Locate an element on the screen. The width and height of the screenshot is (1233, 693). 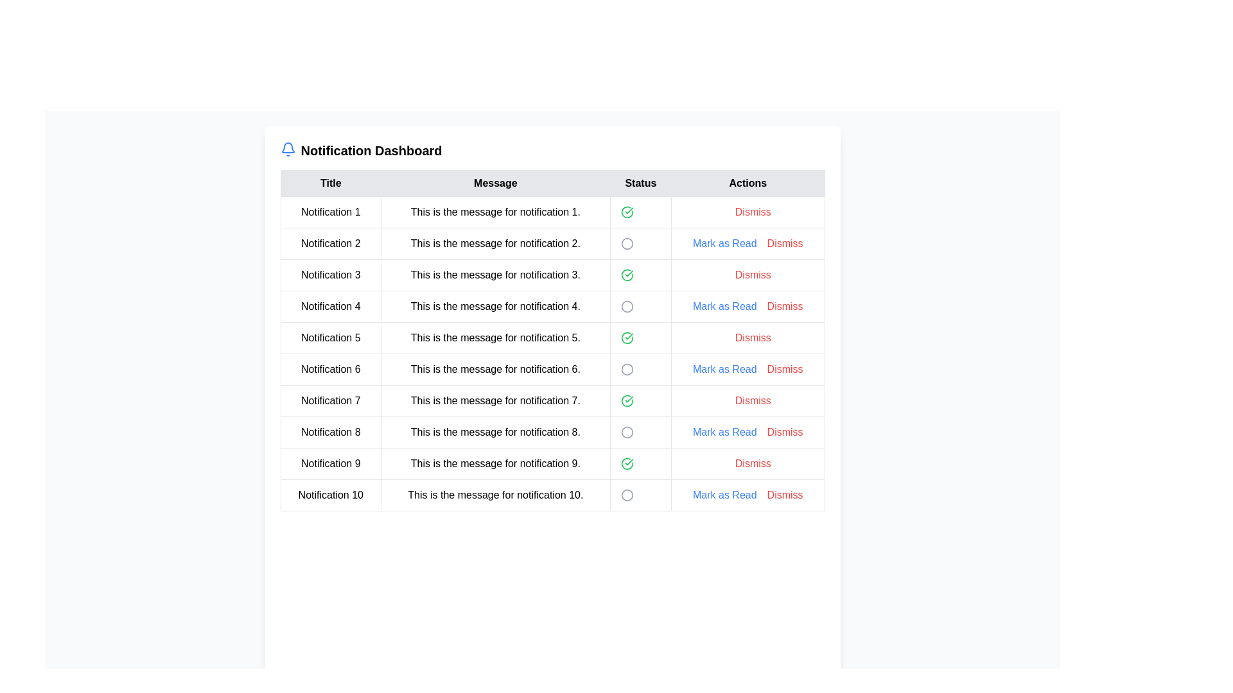
the text label displaying 'Notification 5' in the first column of the fifth row in the 'Notification Dashboard' table is located at coordinates (331, 338).